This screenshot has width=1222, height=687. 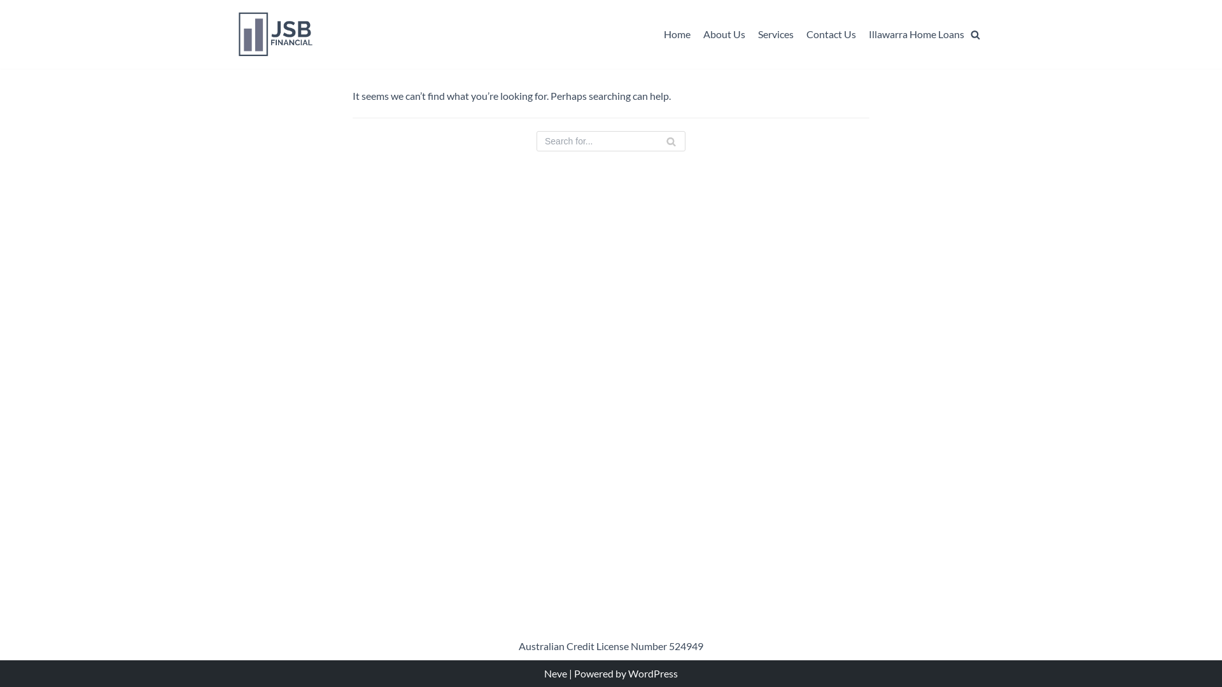 I want to click on 'JSB Financial', so click(x=275, y=34).